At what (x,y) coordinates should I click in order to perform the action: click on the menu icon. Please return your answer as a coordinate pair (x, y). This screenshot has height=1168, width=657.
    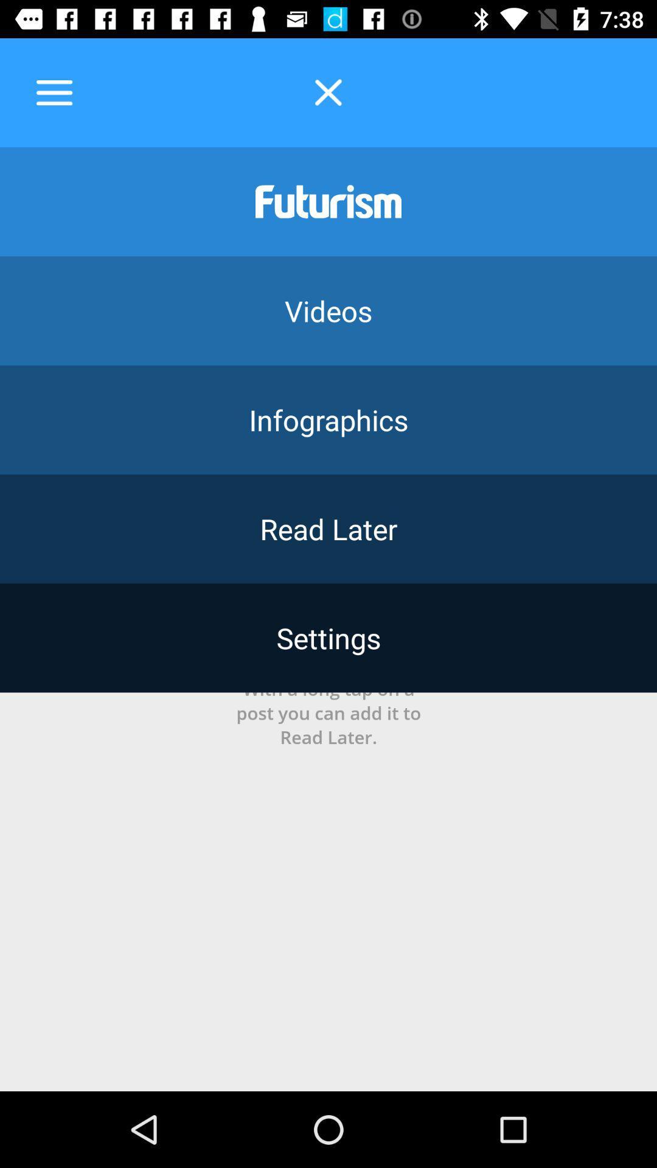
    Looking at the image, I should click on (54, 92).